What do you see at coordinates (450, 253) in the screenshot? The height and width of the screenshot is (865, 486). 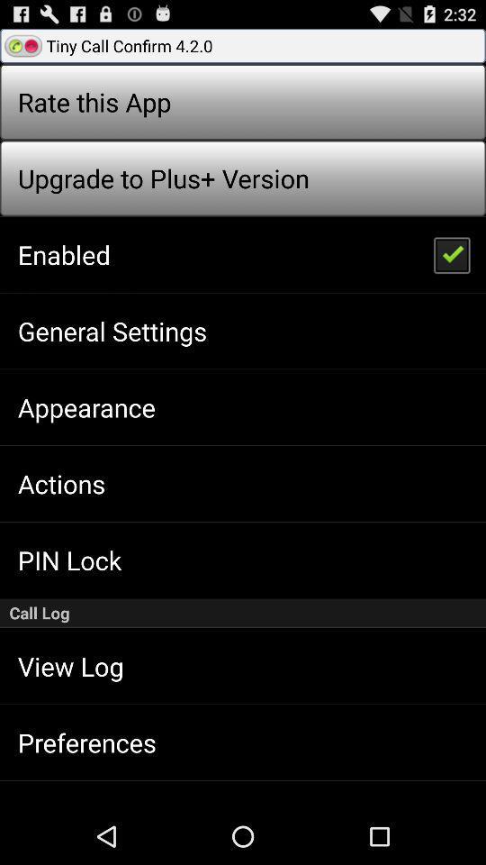 I see `the app below the tiny call confirm icon` at bounding box center [450, 253].